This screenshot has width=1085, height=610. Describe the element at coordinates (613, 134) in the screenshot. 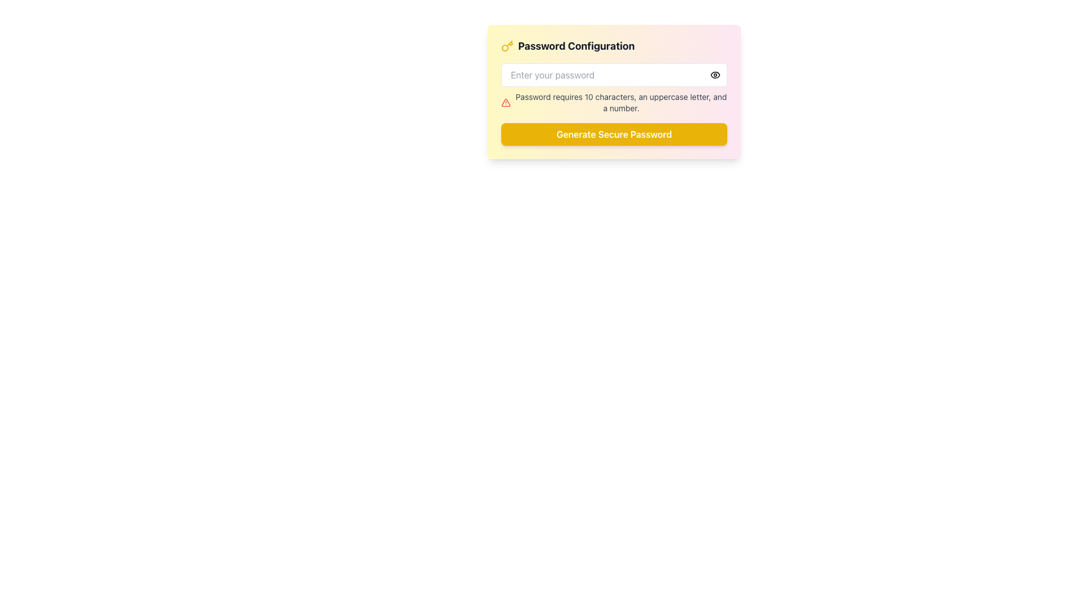

I see `the button with the text 'Generate Secure Password' that has a gradient yellow background and rounded corners` at that location.